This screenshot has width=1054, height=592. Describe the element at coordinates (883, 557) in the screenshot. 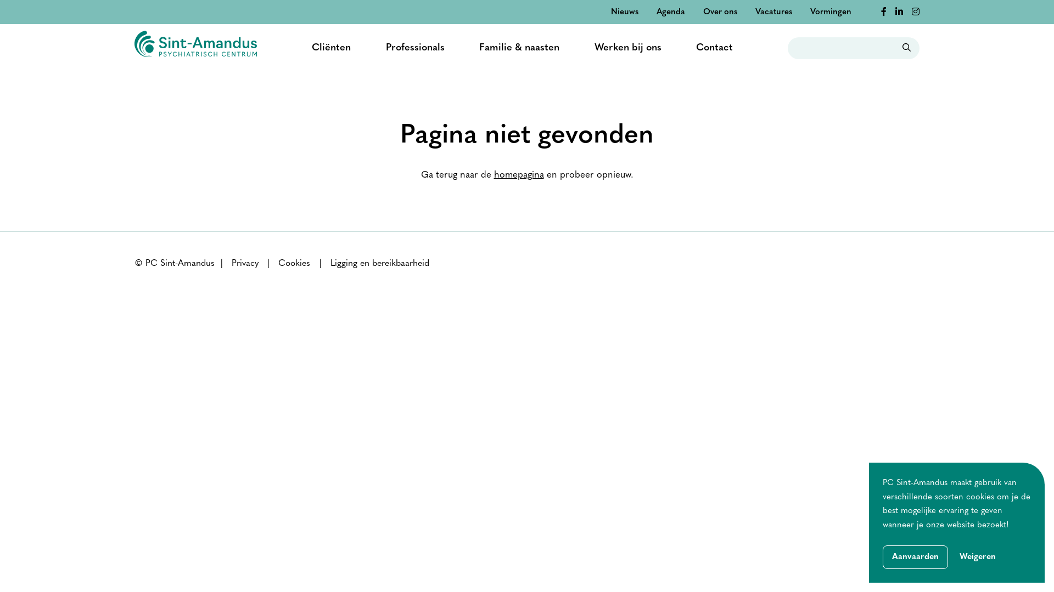

I see `'Aanvaarden'` at that location.